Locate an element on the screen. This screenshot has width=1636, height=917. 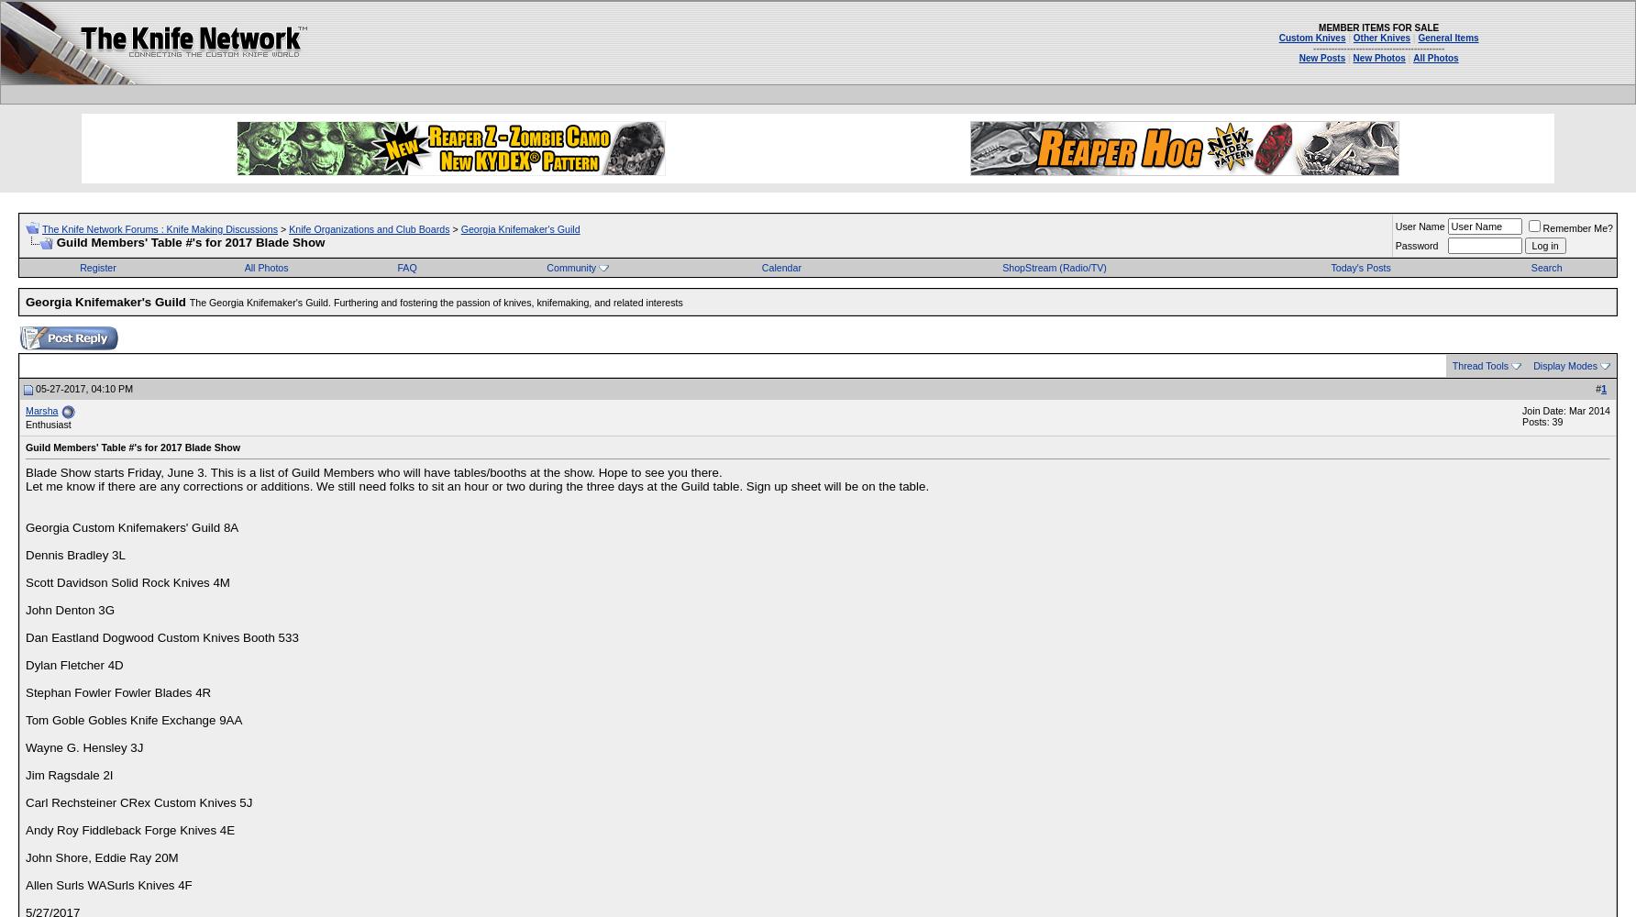
'Today's Posts' is located at coordinates (1359, 268).